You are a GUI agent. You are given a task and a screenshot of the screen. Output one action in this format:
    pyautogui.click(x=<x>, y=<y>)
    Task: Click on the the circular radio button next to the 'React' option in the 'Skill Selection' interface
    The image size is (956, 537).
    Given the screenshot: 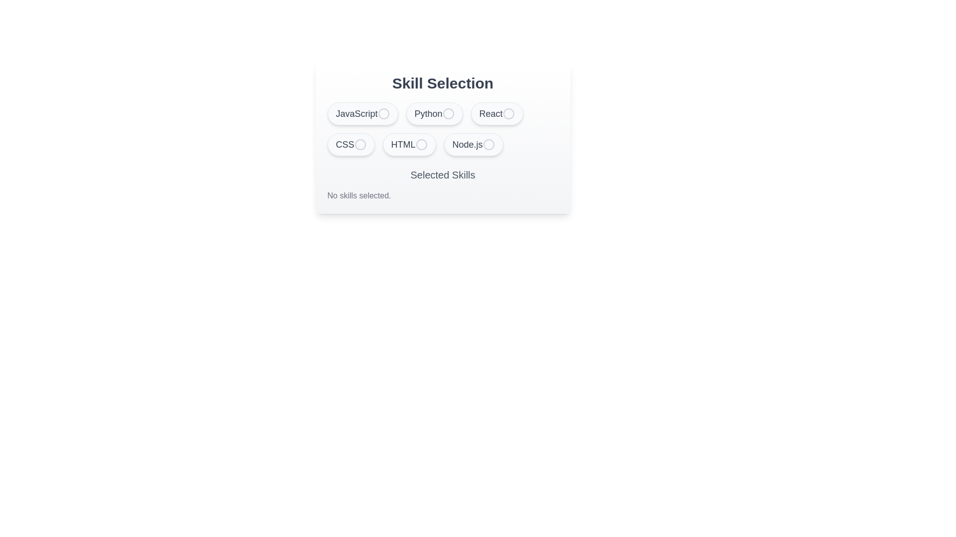 What is the action you would take?
    pyautogui.click(x=508, y=113)
    